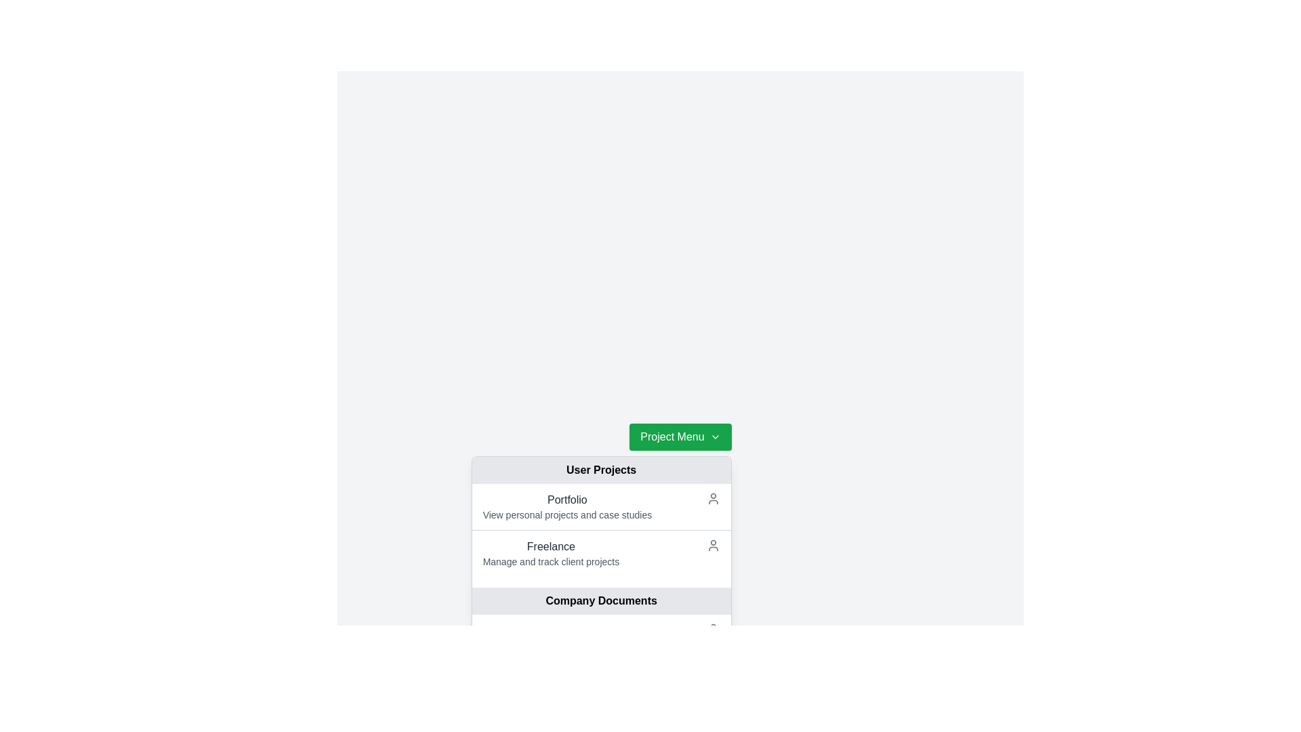 The image size is (1301, 732). What do you see at coordinates (600, 470) in the screenshot?
I see `the 'User Projects' text label, which is styled with a bold font and light gray background, positioned beneath the 'Project Menu' button` at bounding box center [600, 470].